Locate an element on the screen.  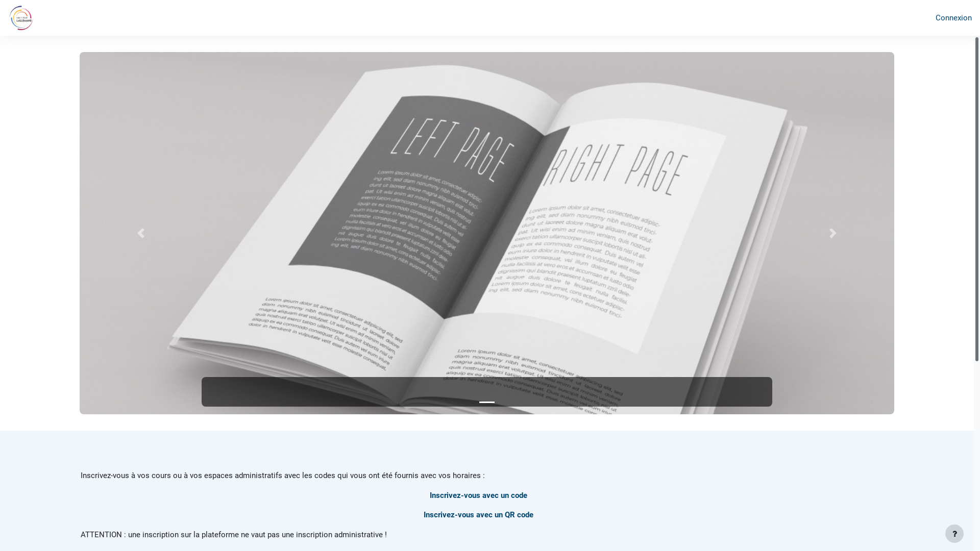
'Inscrivez-vous avec un QR code' is located at coordinates (478, 515).